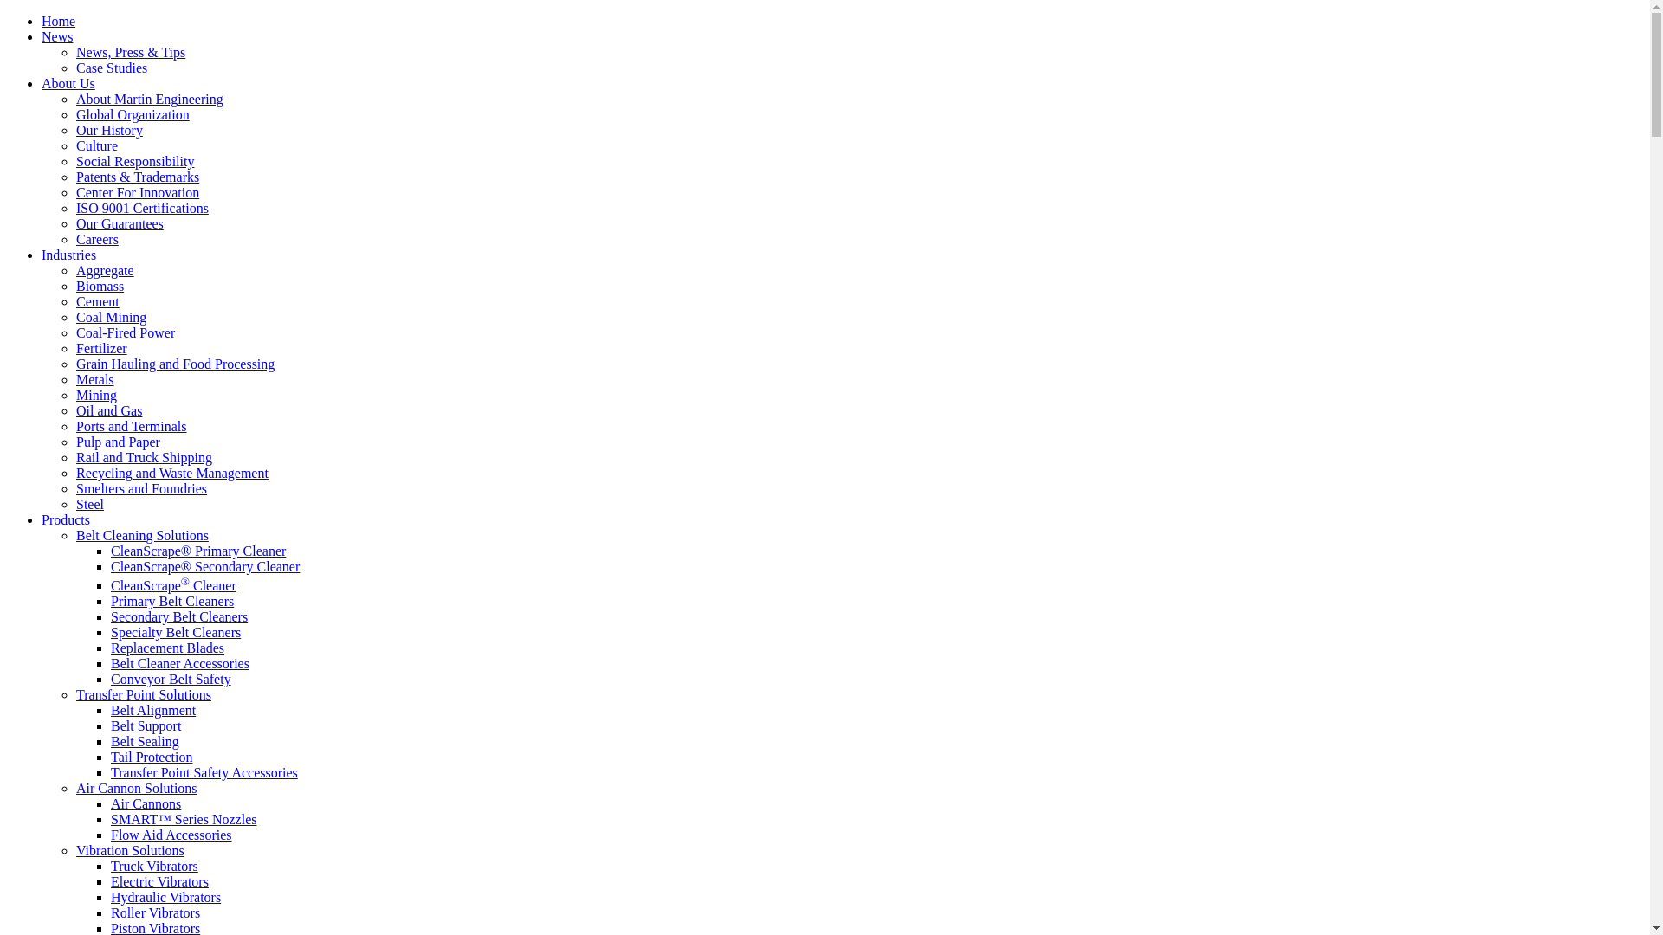  I want to click on 'Careers', so click(96, 239).